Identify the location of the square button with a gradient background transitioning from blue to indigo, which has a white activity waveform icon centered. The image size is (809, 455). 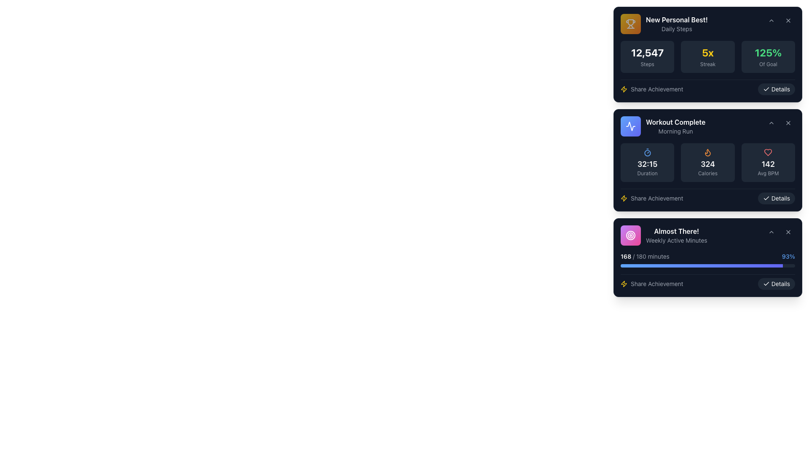
(631, 126).